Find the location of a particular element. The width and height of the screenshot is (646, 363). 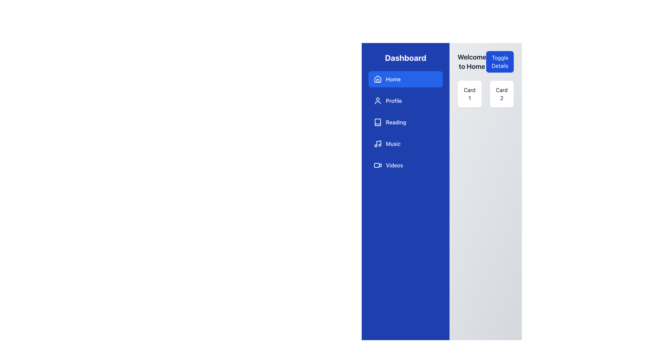

the house icon element that is part of the 'Home' button on the navigation bar is located at coordinates (378, 80).